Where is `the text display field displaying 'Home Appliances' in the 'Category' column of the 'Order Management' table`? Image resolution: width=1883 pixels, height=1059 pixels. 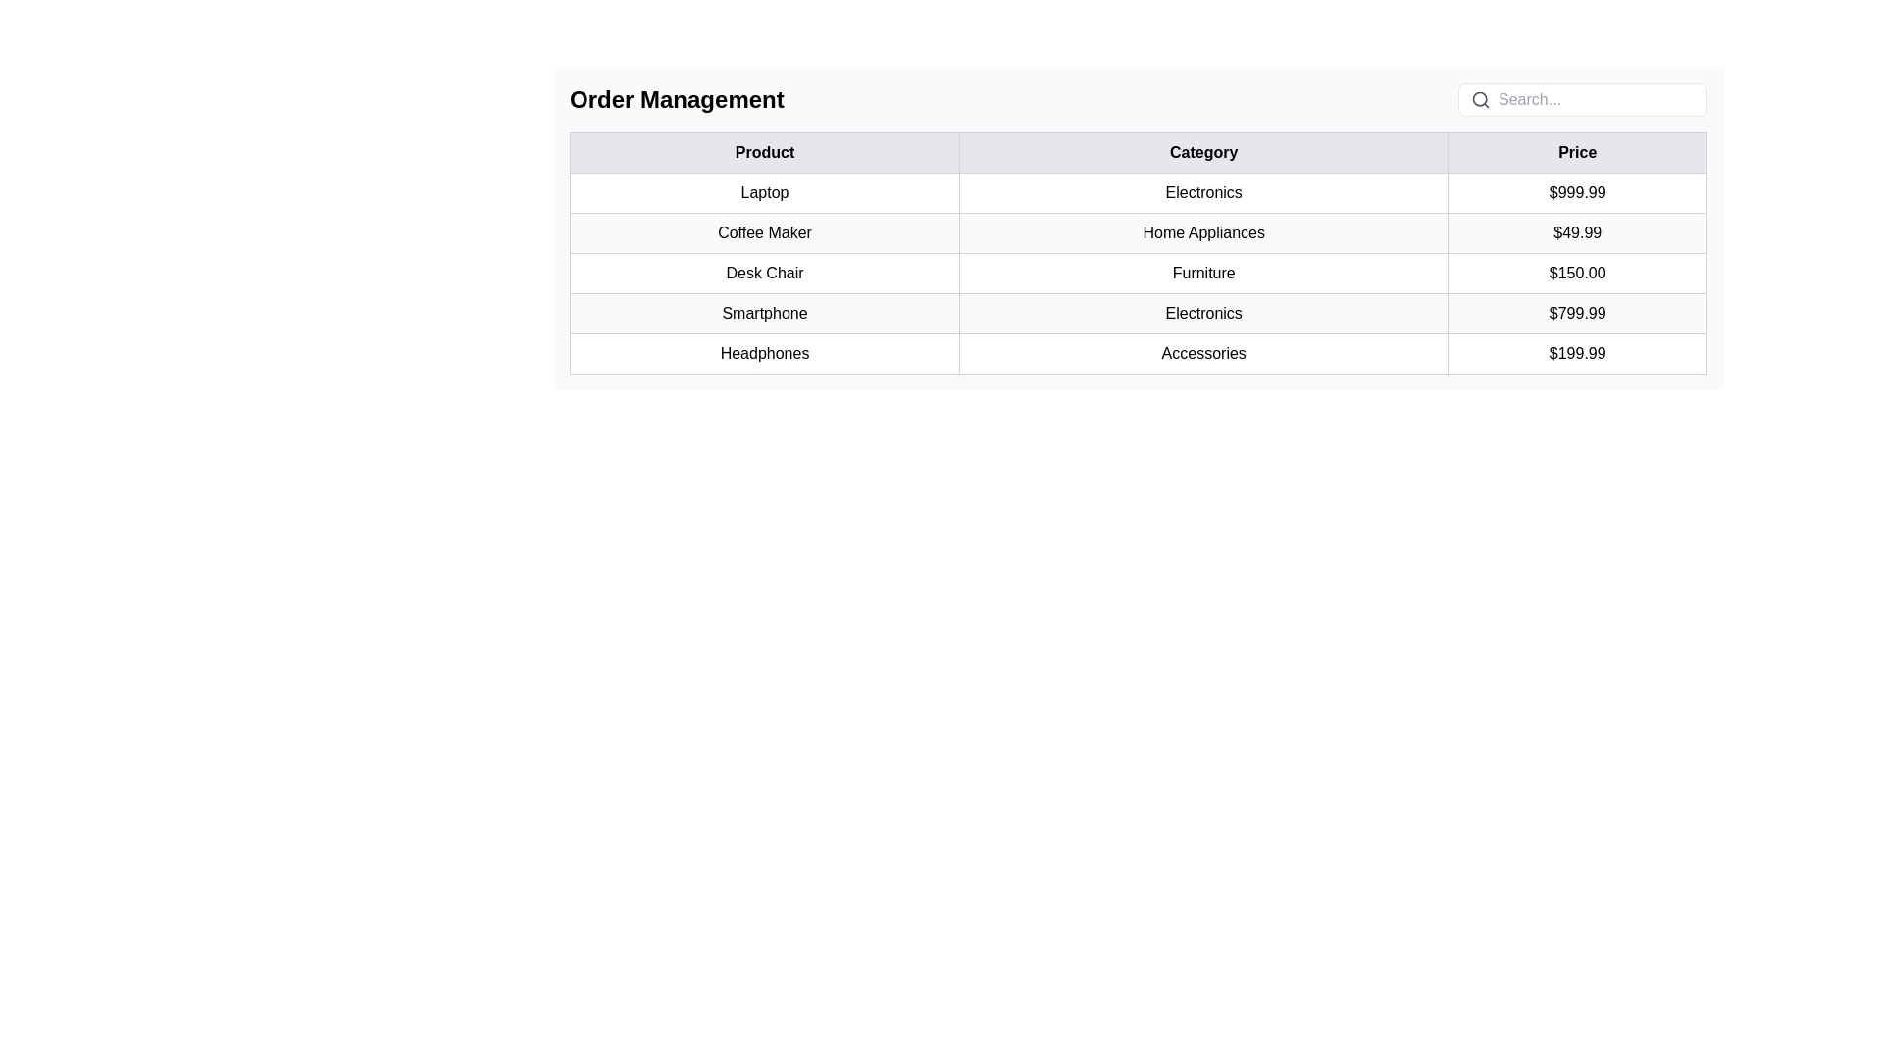 the text display field displaying 'Home Appliances' in the 'Category' column of the 'Order Management' table is located at coordinates (1202, 232).